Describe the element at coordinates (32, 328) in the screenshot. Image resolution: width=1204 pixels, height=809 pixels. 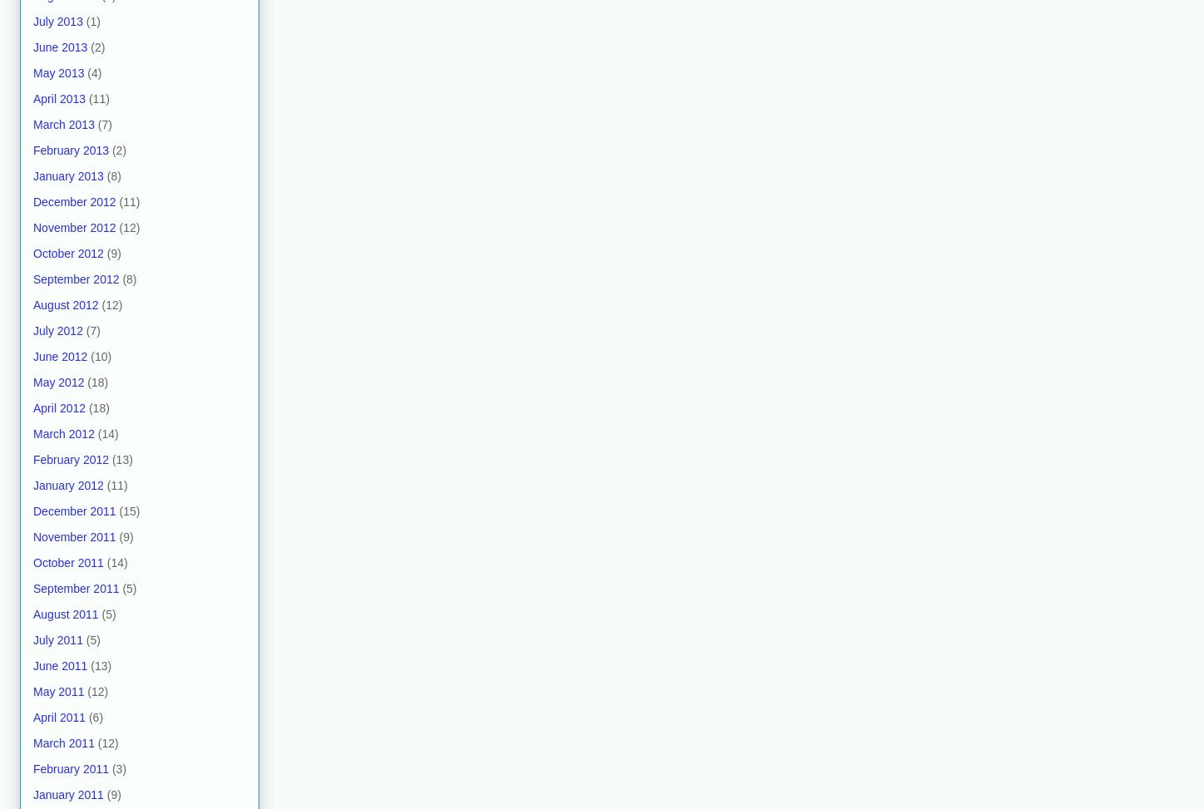
I see `'July 2012'` at that location.